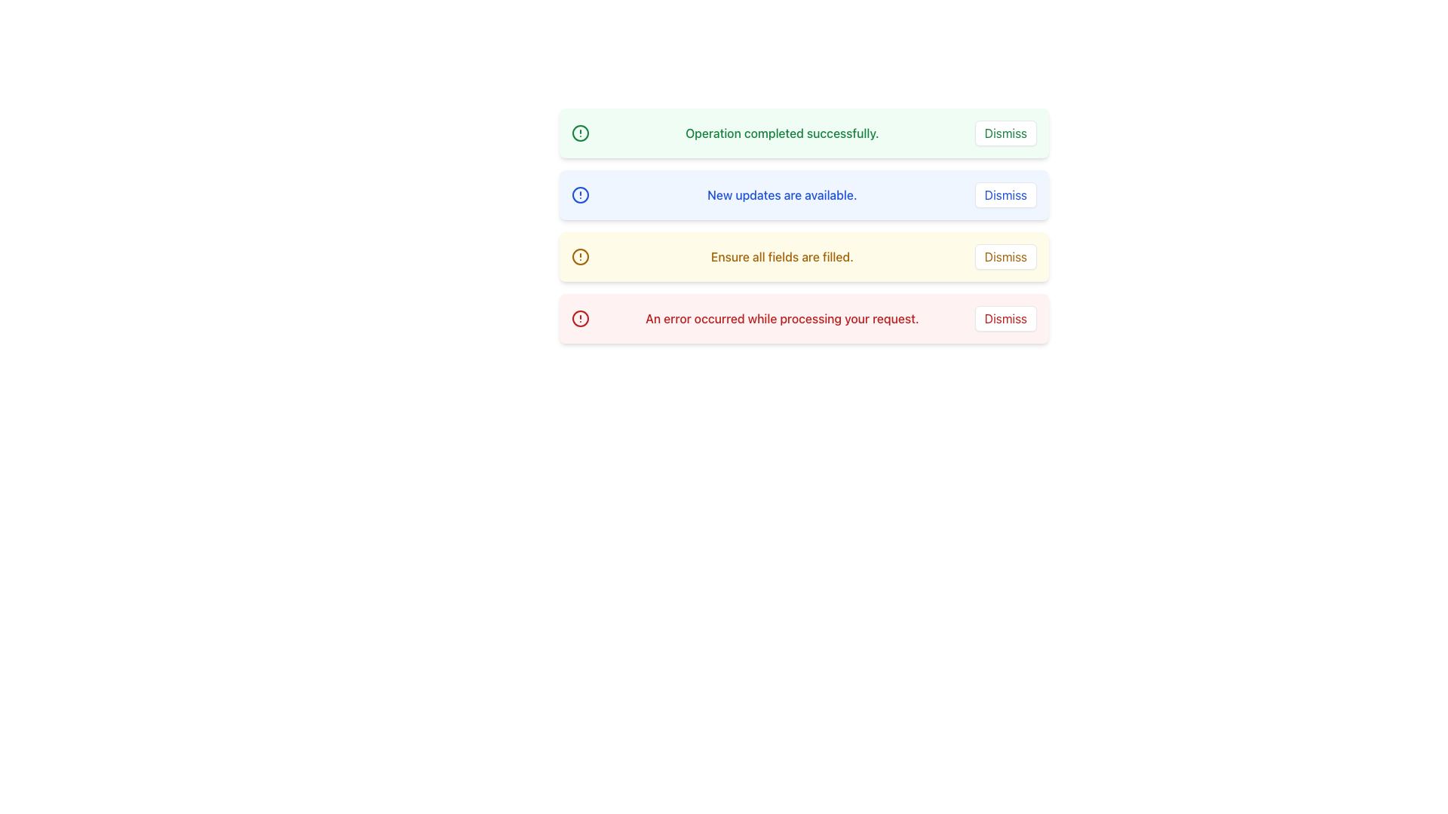 The image size is (1448, 814). What do you see at coordinates (782, 256) in the screenshot?
I see `the text label displaying 'Ensure all fields are filled.' which is part of the third notification bar with a yellow background` at bounding box center [782, 256].